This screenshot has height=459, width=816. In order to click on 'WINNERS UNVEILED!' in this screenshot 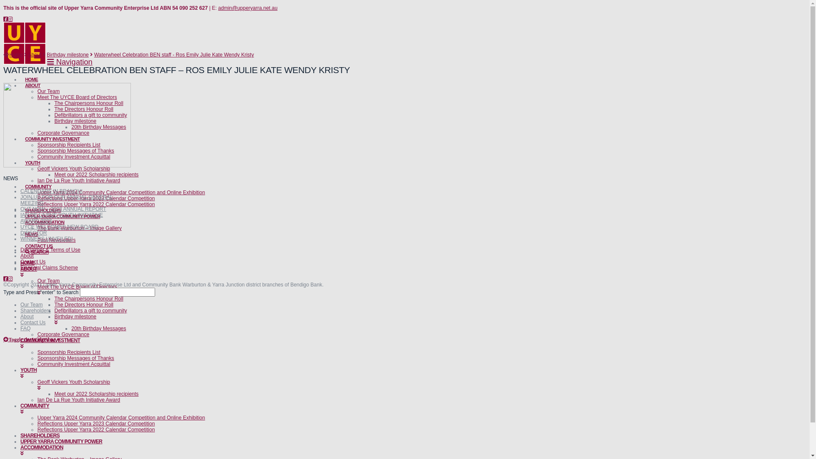, I will do `click(46, 239)`.